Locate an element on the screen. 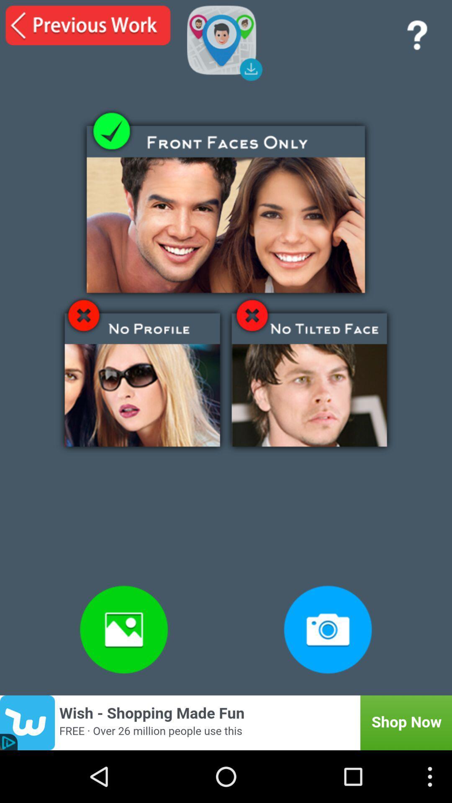 The height and width of the screenshot is (803, 452). the photo icon is located at coordinates (327, 673).